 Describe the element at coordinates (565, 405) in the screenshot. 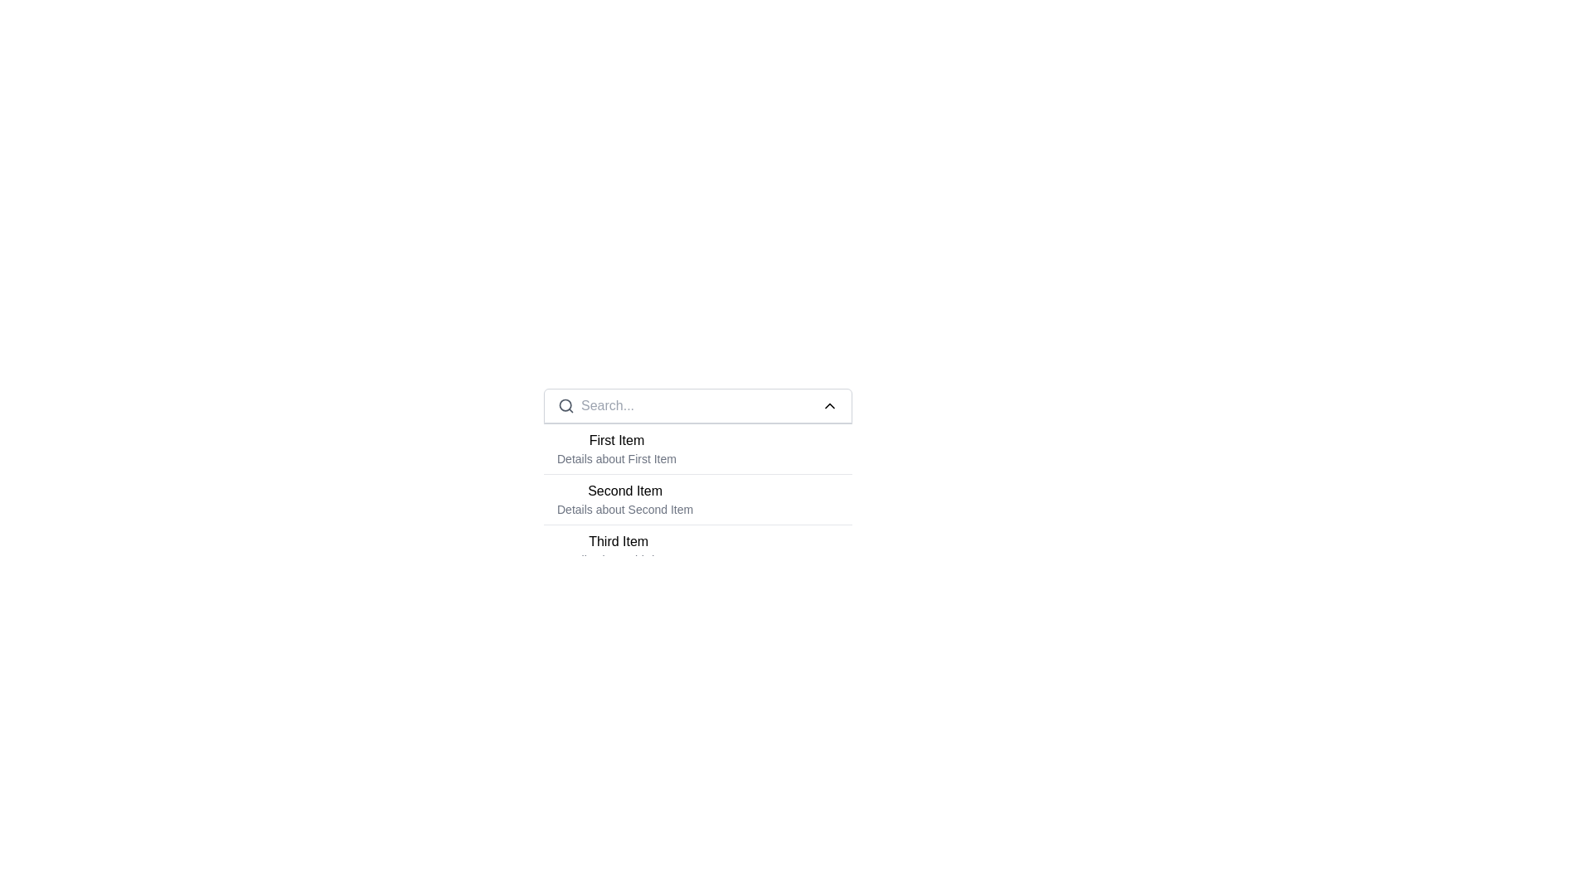

I see `circular SVG component representing the lens of the magnifying glass icon located to the immediate left of the search input field at the top of the dropdown list for UI debugging` at that location.